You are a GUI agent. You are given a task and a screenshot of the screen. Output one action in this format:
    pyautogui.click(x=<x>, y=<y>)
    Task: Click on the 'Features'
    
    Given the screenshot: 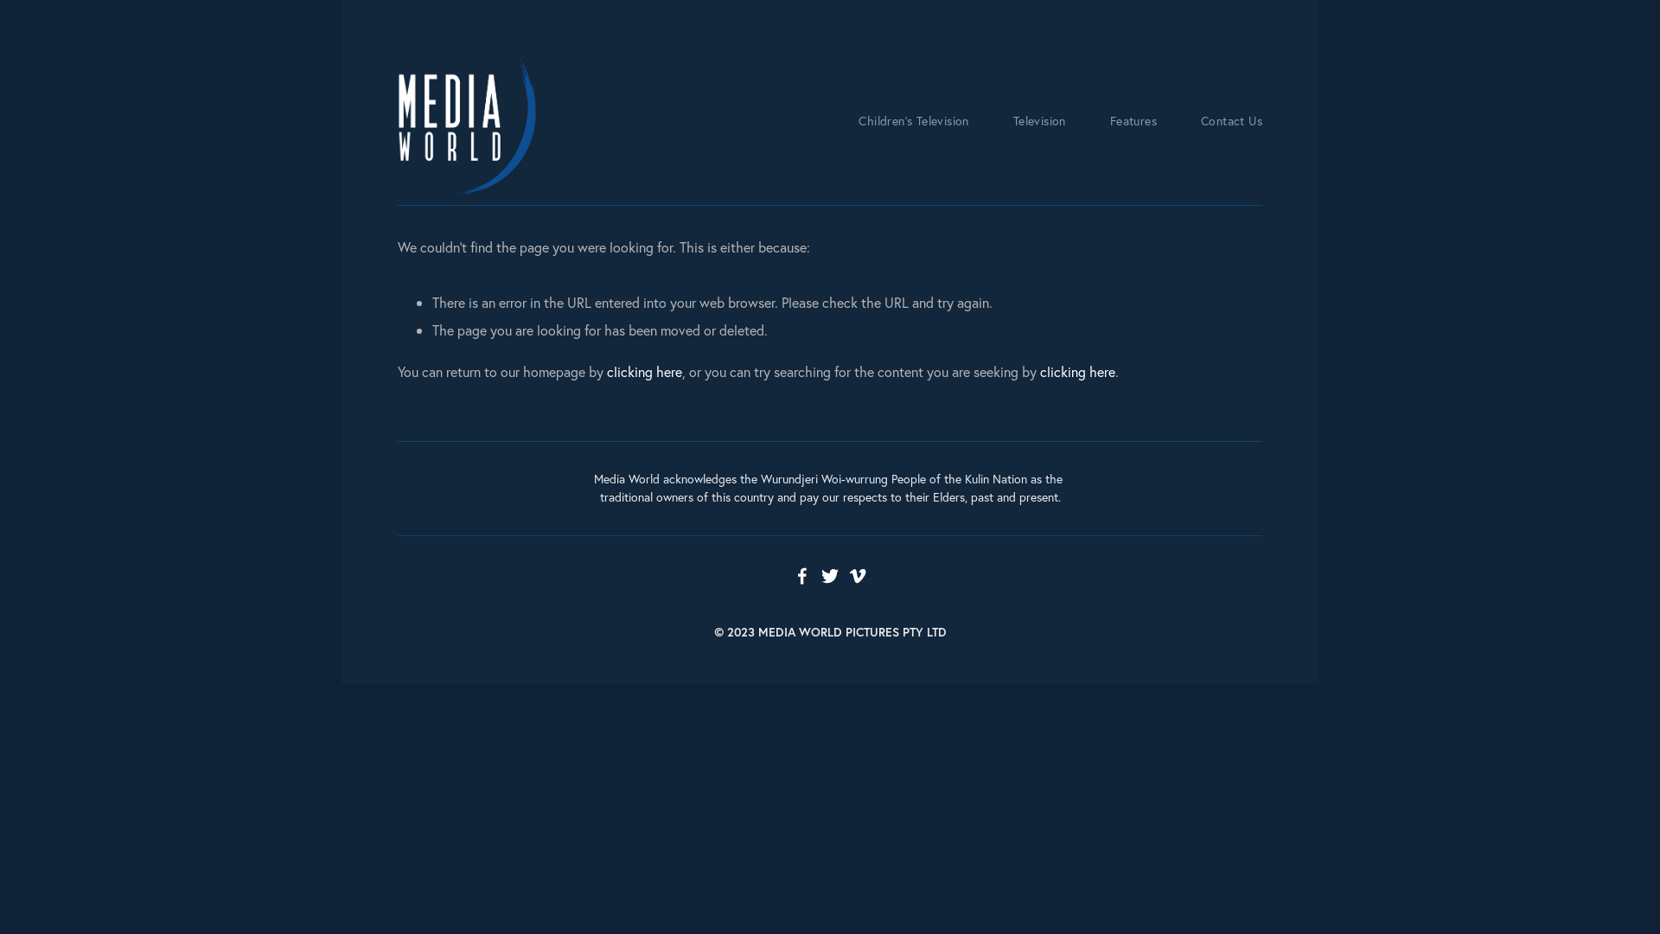 What is the action you would take?
    pyautogui.click(x=1133, y=121)
    